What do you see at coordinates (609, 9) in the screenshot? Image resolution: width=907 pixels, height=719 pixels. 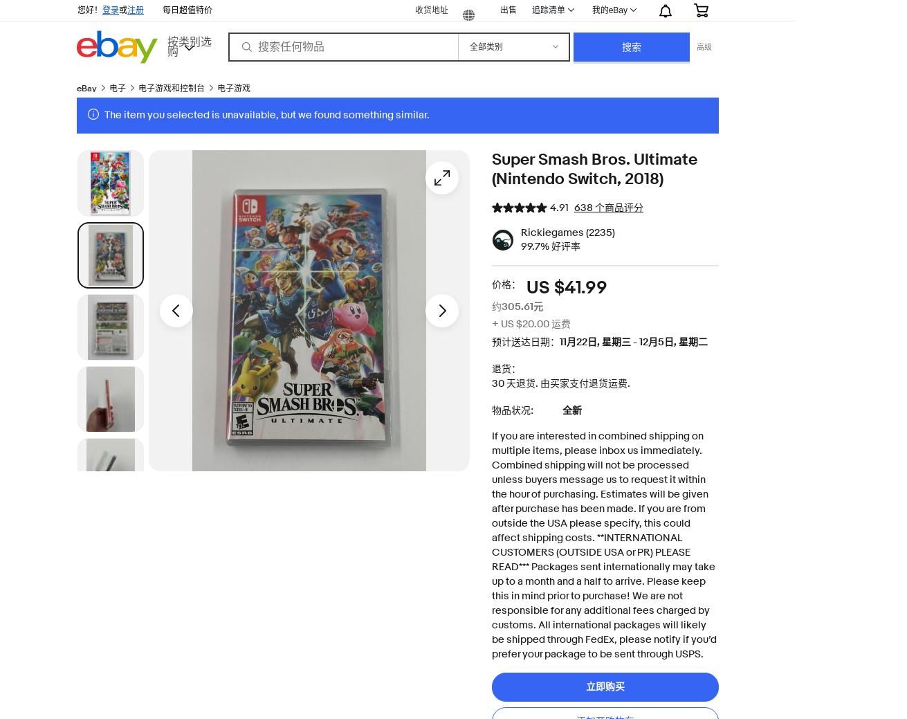 I see `'我的eBay'` at bounding box center [609, 9].